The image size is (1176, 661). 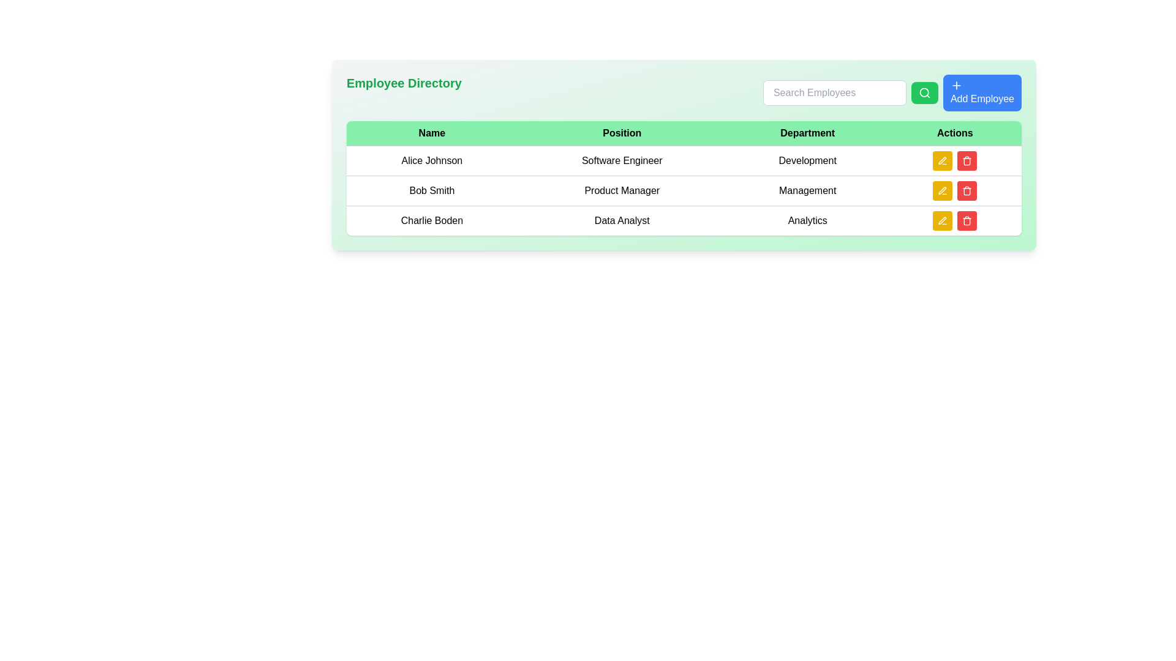 I want to click on the pen-shaped icon with a yellow background located in the Actions column of the last row of the 'Employee Directory' table, corresponding to the employee 'Charlie Boden', so click(x=942, y=220).